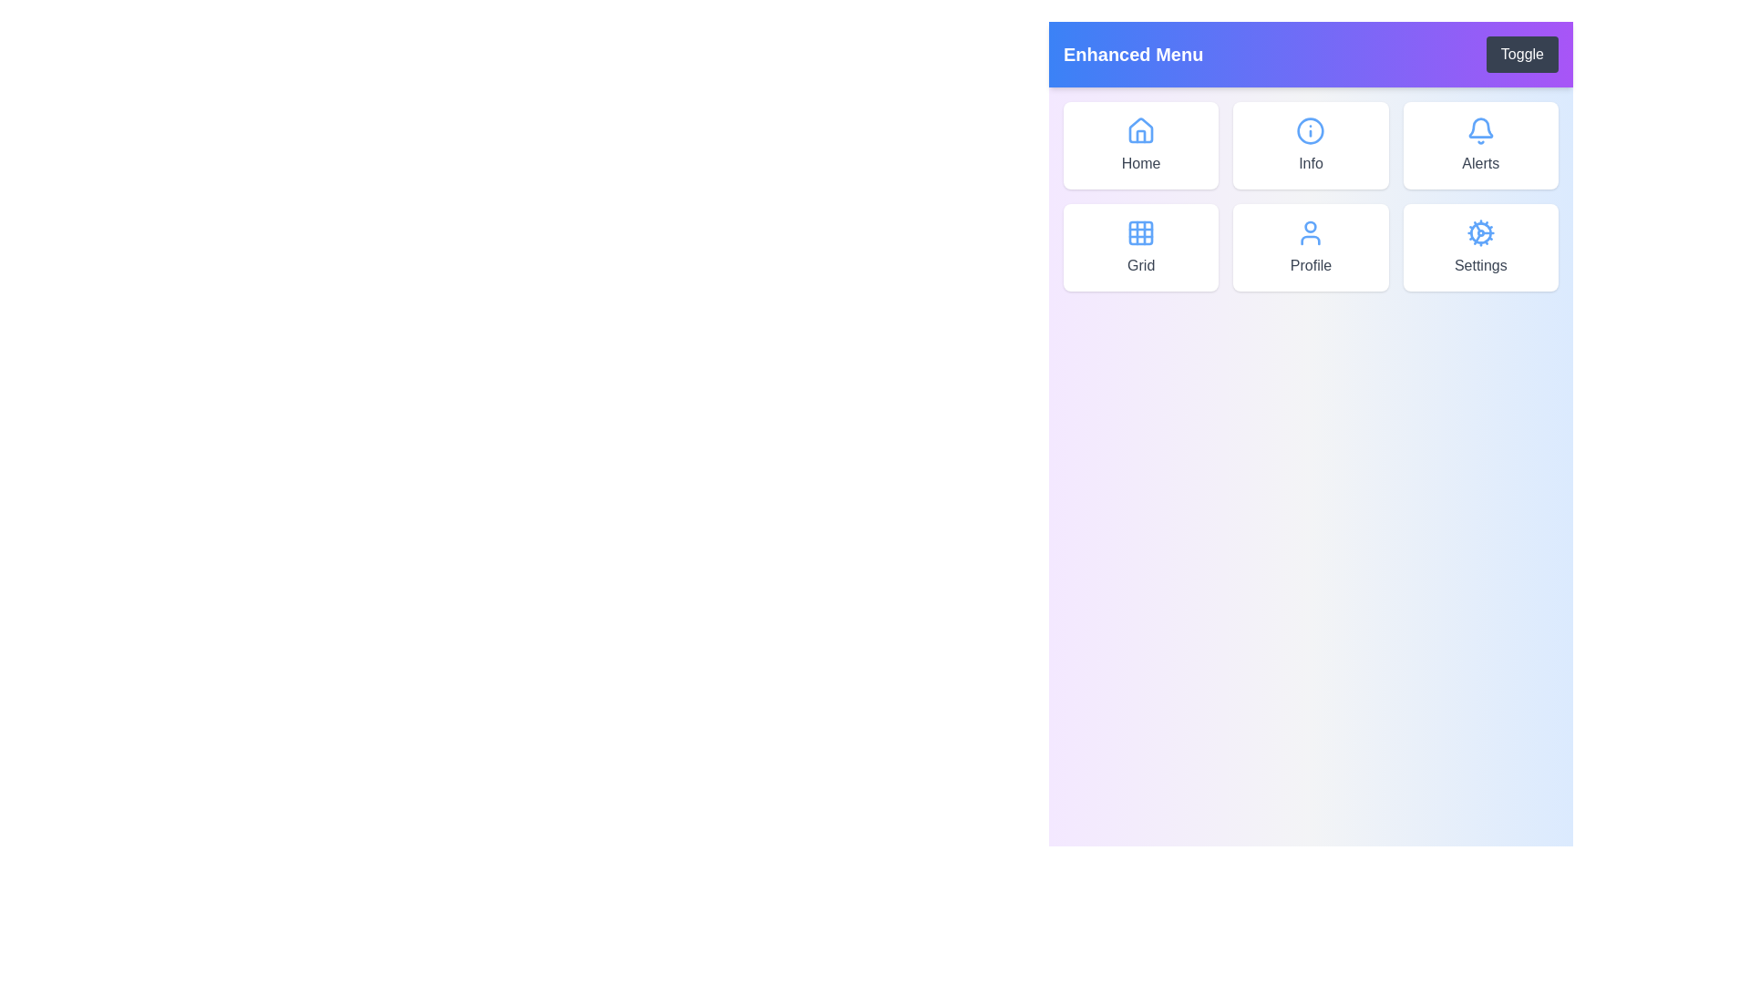 This screenshot has height=984, width=1750. What do you see at coordinates (1481, 248) in the screenshot?
I see `the menu item labeled Settings` at bounding box center [1481, 248].